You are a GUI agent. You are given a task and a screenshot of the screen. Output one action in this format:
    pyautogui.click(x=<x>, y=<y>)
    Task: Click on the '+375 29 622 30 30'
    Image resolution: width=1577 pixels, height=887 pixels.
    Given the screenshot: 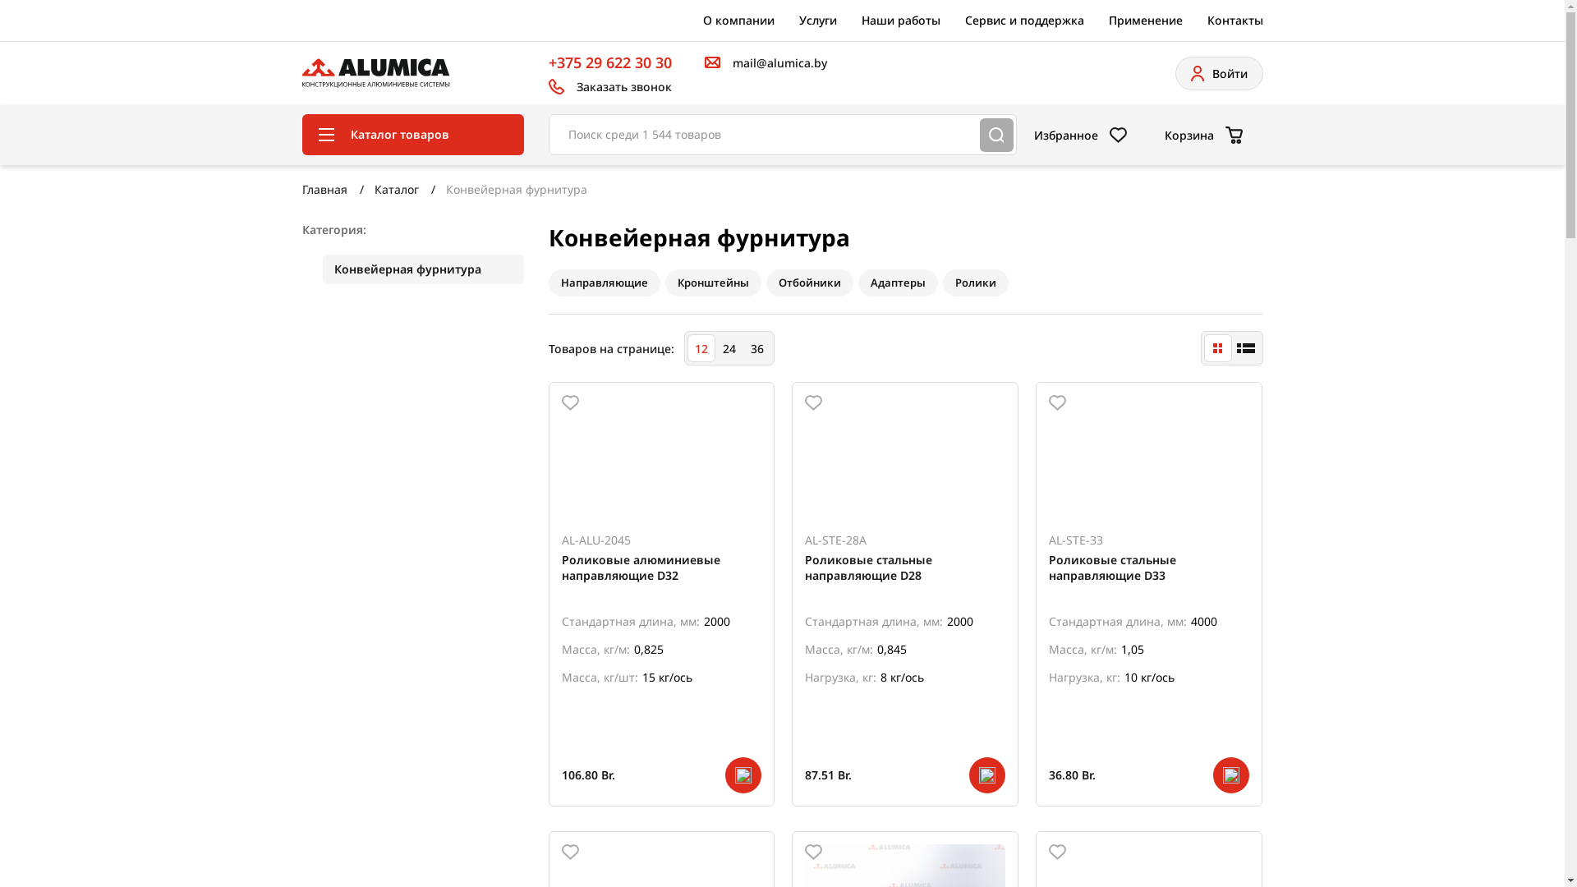 What is the action you would take?
    pyautogui.click(x=609, y=62)
    